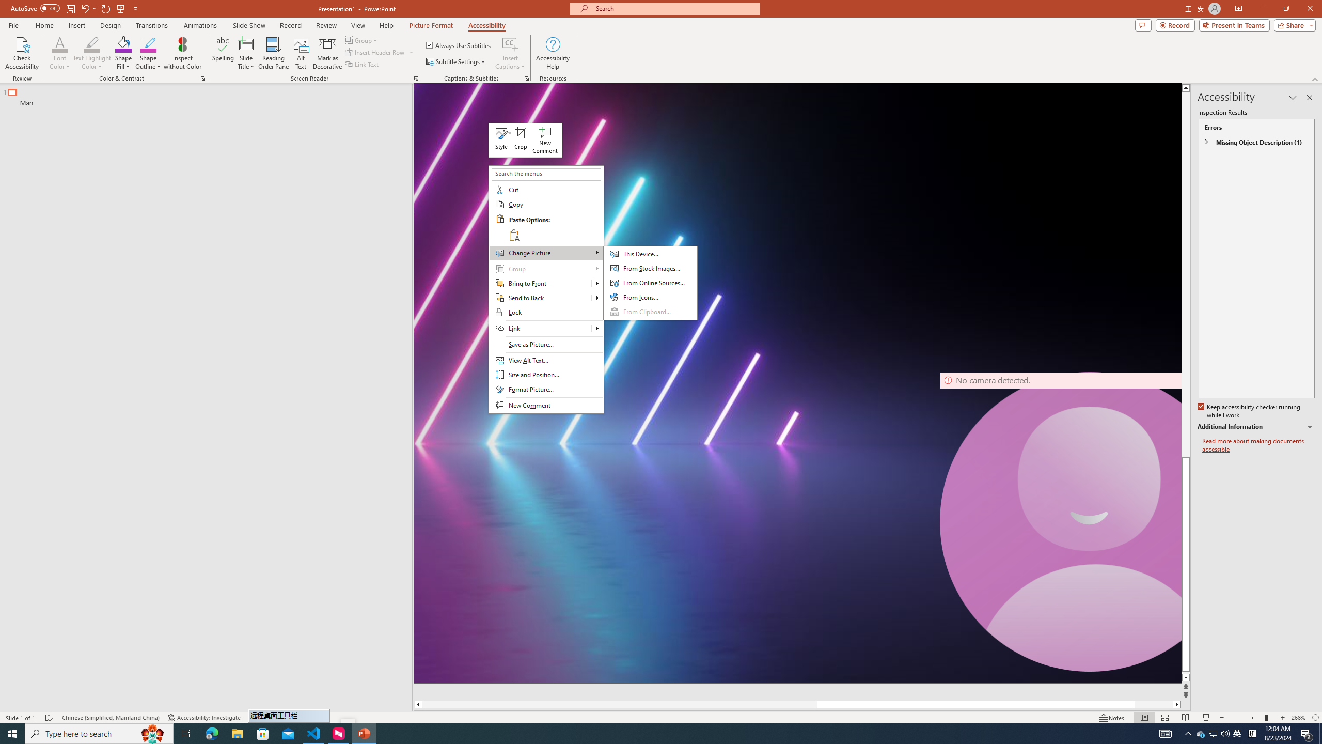 The height and width of the screenshot is (744, 1322). Describe the element at coordinates (545, 374) in the screenshot. I see `'Size and Position...'` at that location.